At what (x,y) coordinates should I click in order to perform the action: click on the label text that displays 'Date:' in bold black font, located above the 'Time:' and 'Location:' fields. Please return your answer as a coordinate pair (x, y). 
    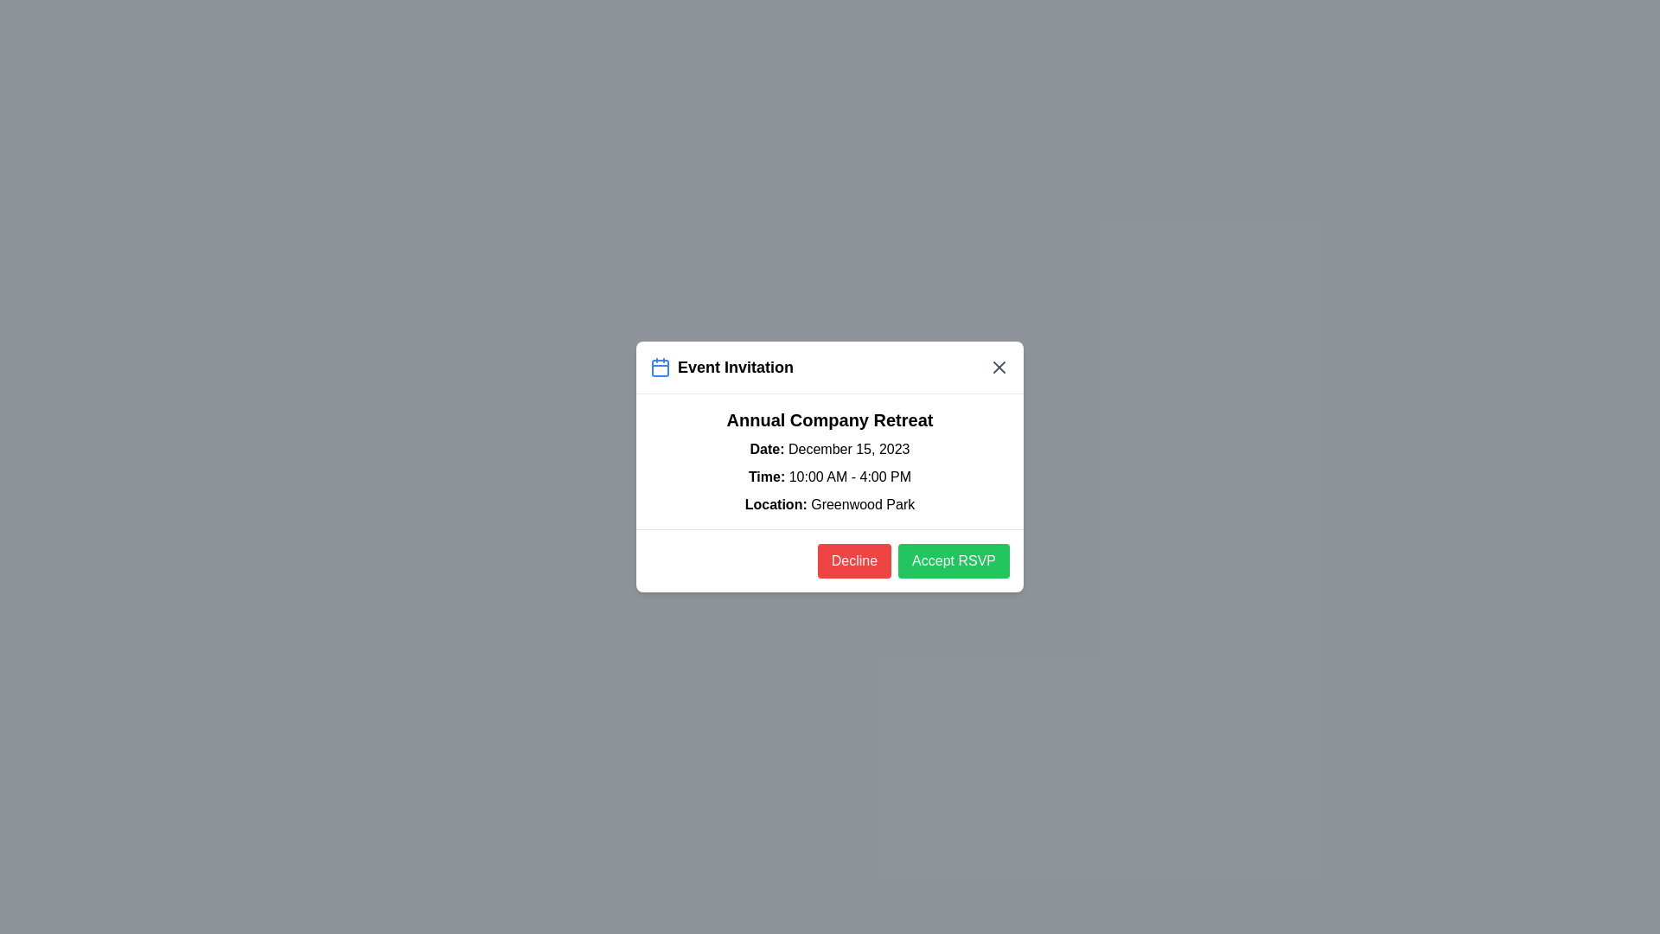
    Looking at the image, I should click on (768, 448).